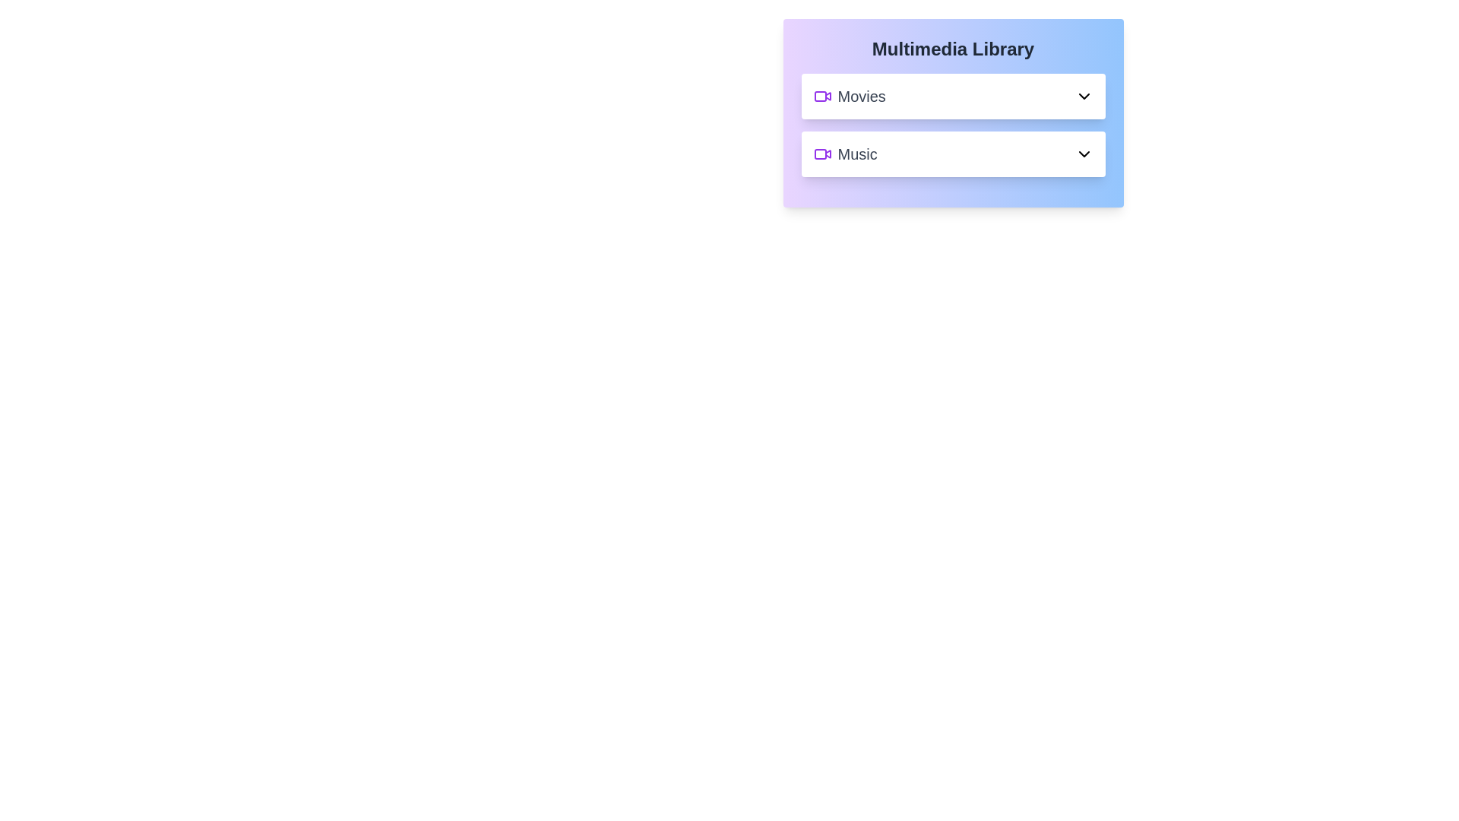 This screenshot has height=821, width=1459. I want to click on the toggle button of the library section Movies to expand or collapse it, so click(952, 97).